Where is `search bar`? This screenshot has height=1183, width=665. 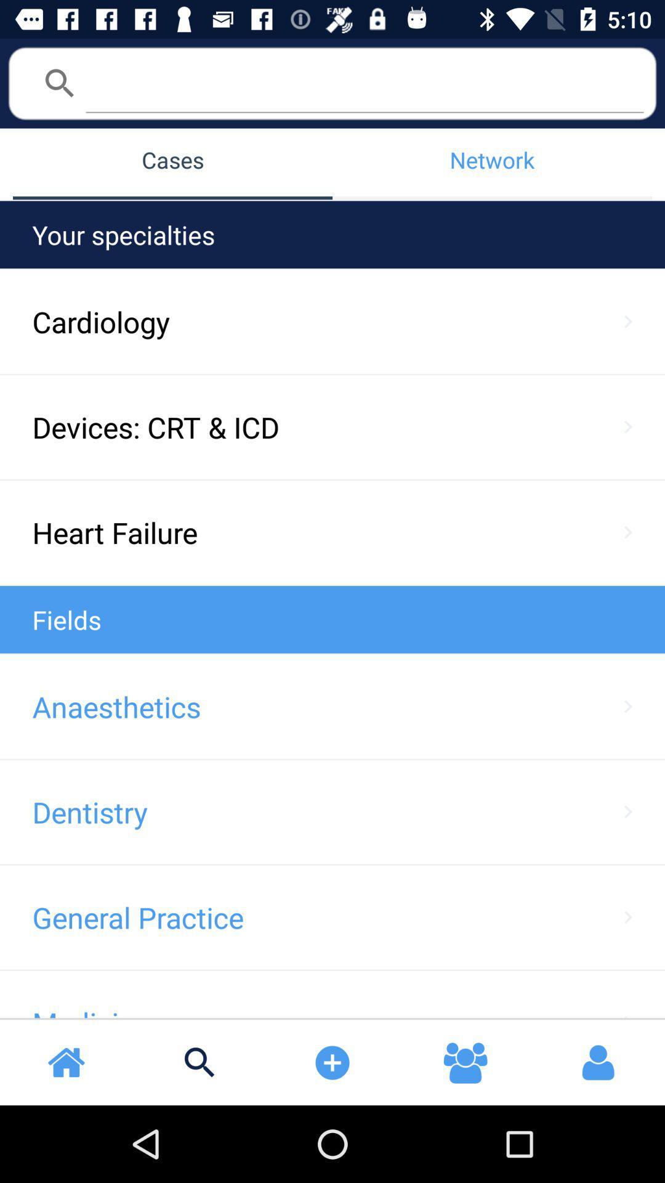 search bar is located at coordinates (364, 82).